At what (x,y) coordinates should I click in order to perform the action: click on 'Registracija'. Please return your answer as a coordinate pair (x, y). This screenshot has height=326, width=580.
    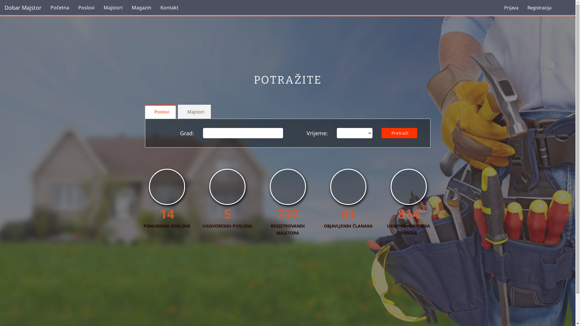
    Looking at the image, I should click on (523, 7).